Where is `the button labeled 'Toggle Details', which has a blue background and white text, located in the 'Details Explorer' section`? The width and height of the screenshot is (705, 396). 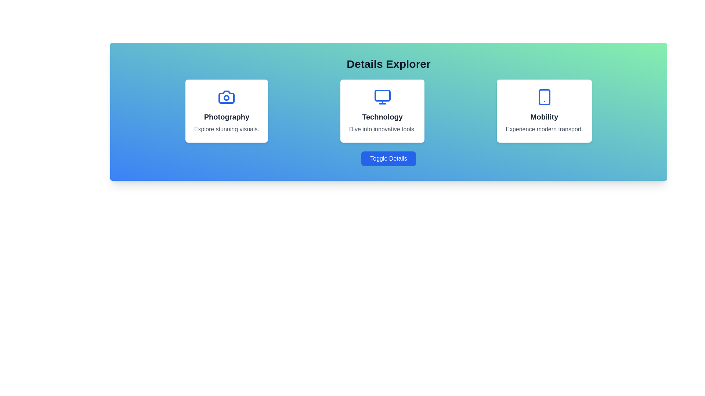
the button labeled 'Toggle Details', which has a blue background and white text, located in the 'Details Explorer' section is located at coordinates (388, 158).